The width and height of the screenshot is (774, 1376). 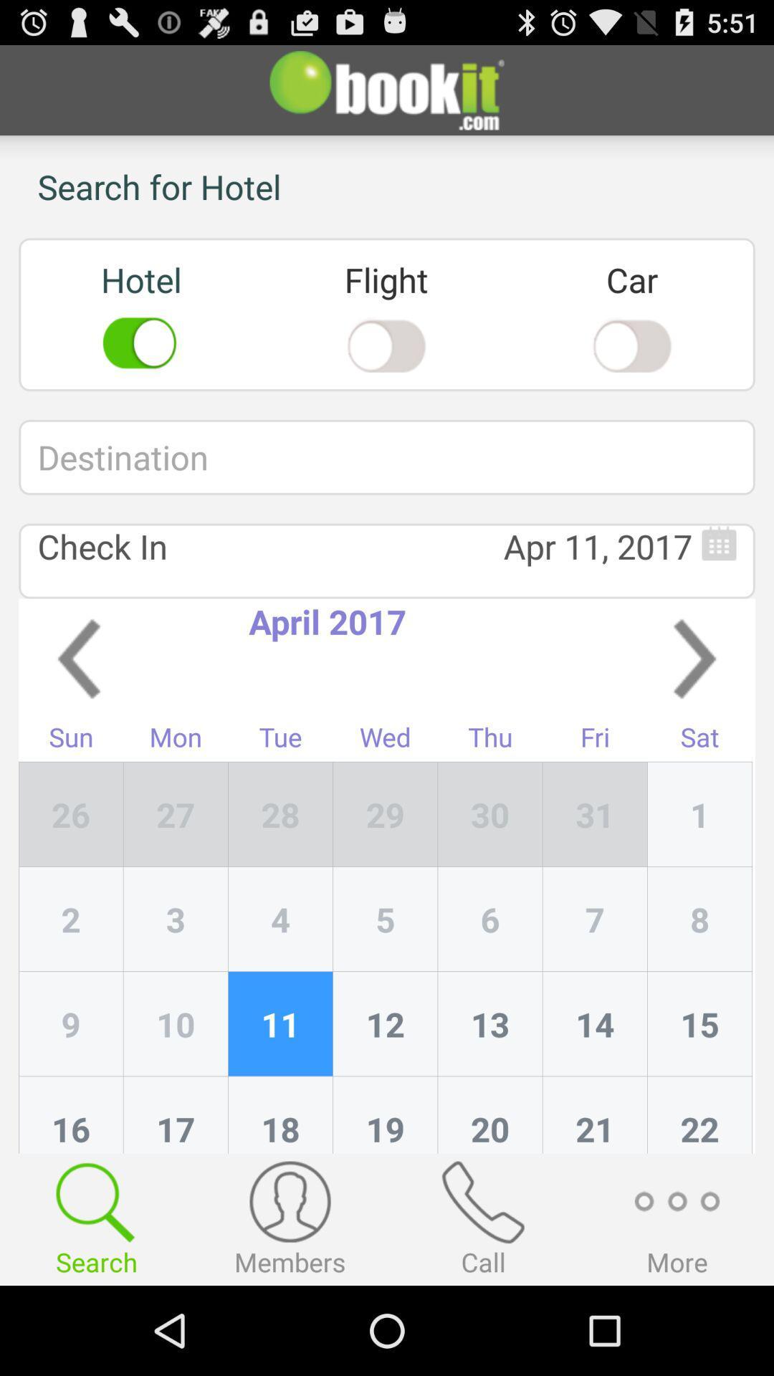 I want to click on the icon next to the fri app, so click(x=489, y=814).